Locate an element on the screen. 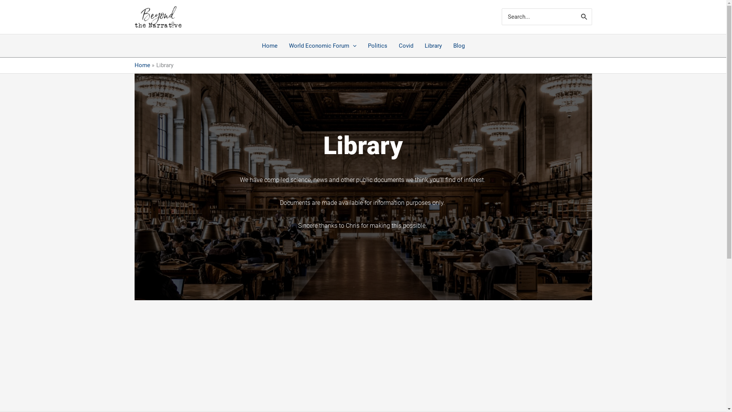 This screenshot has height=412, width=732. 'Blog' is located at coordinates (459, 45).